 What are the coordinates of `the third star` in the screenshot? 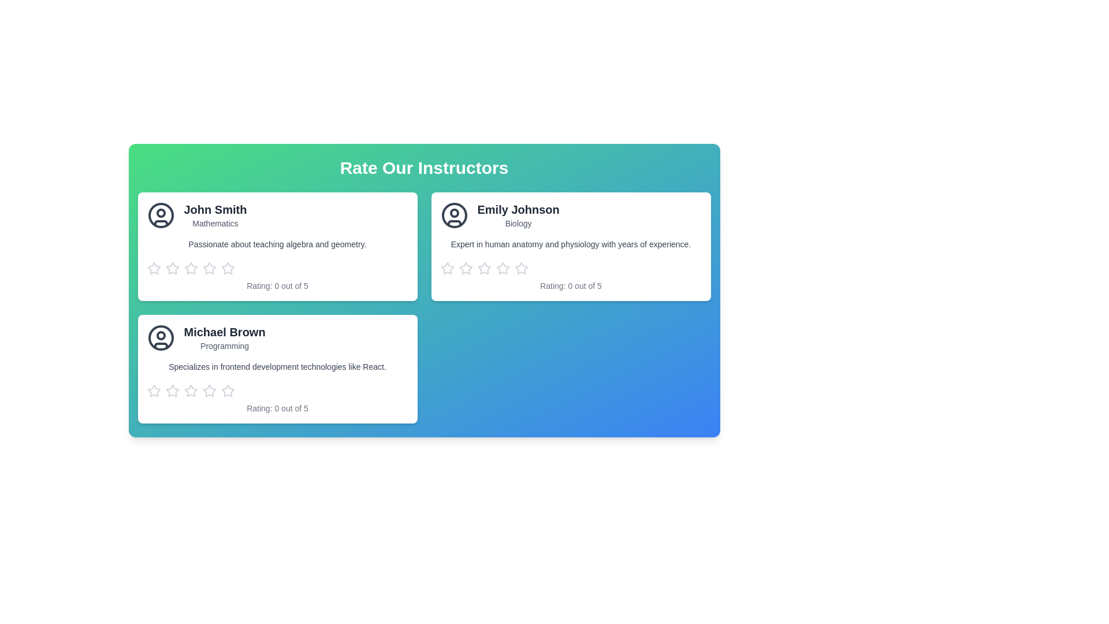 It's located at (520, 268).